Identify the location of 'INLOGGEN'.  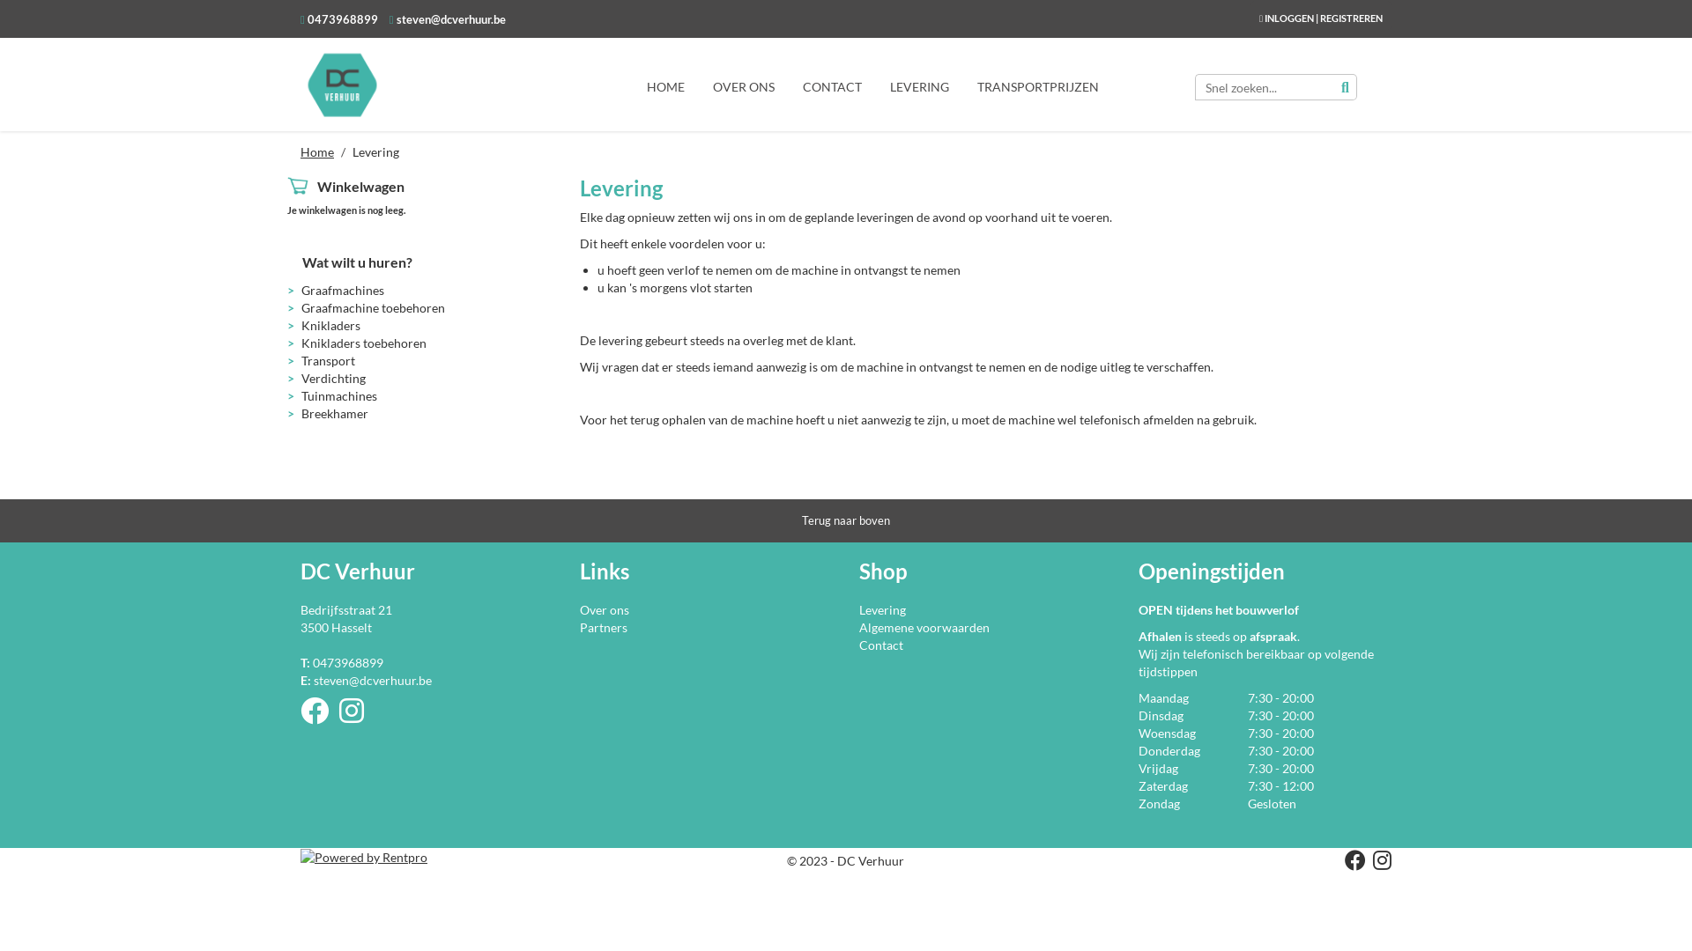
(1289, 18).